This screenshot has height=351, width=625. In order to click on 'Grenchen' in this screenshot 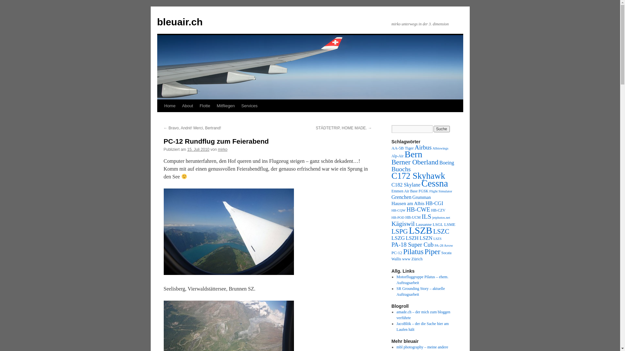, I will do `click(401, 197)`.